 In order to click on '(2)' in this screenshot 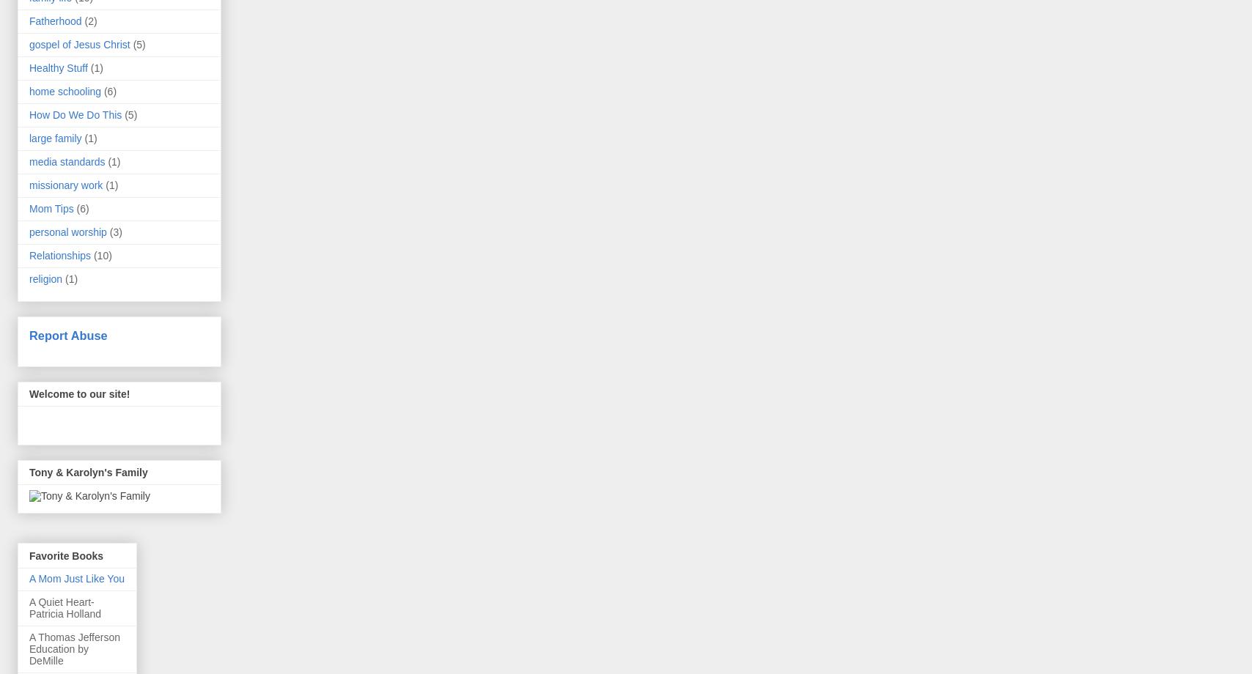, I will do `click(90, 20)`.